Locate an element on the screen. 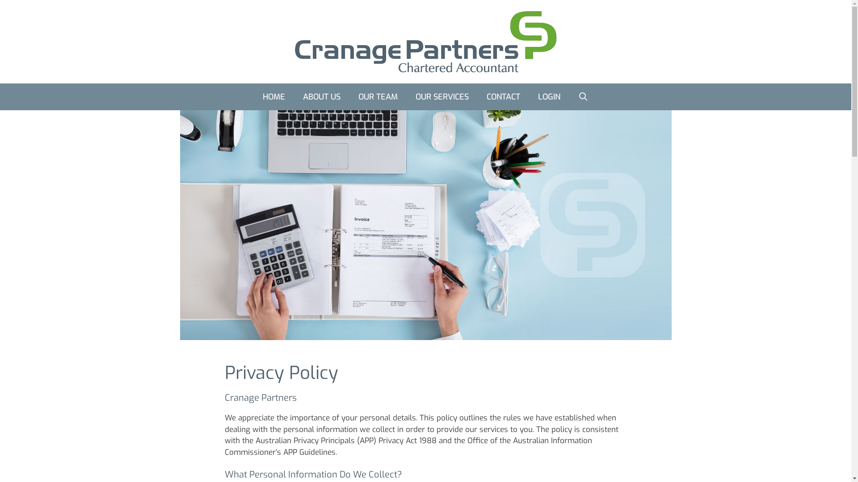 Image resolution: width=858 pixels, height=482 pixels. 'LOGIN' is located at coordinates (548, 96).